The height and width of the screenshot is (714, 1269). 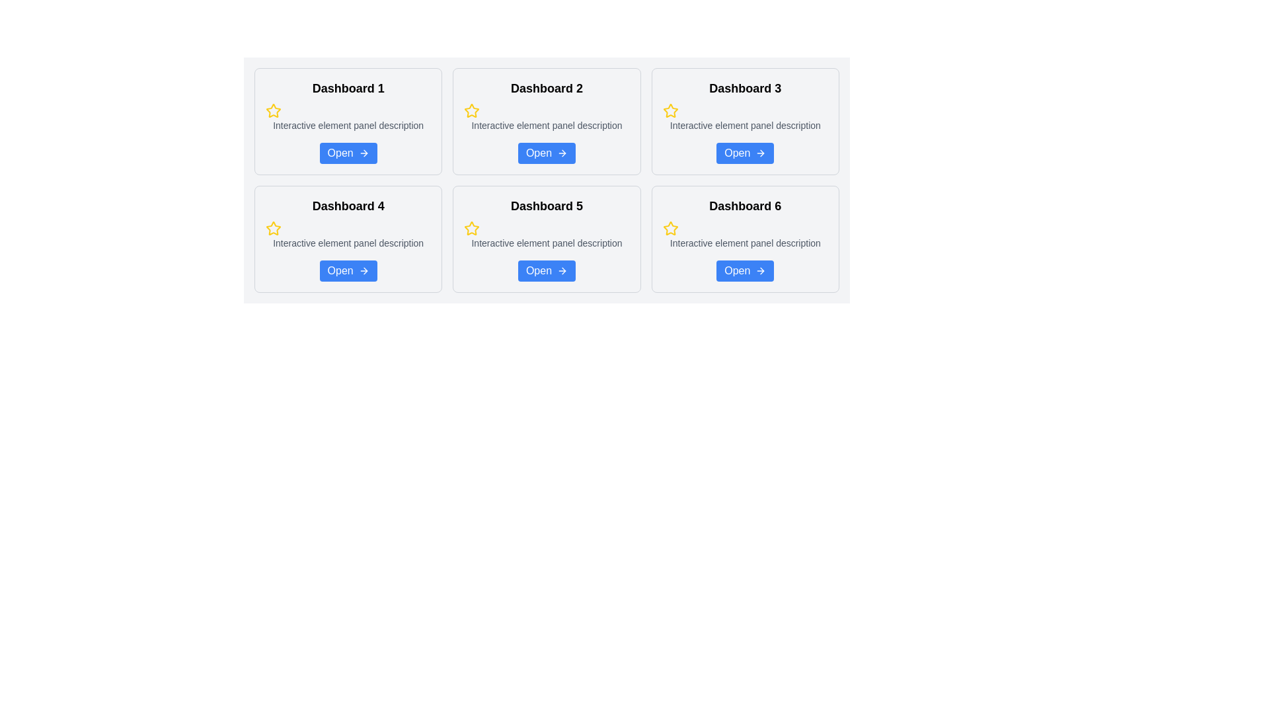 I want to click on the static Text label that provides a description for the 'Dashboard 3' panel, located below its title and to the right of a star icon, so click(x=745, y=125).